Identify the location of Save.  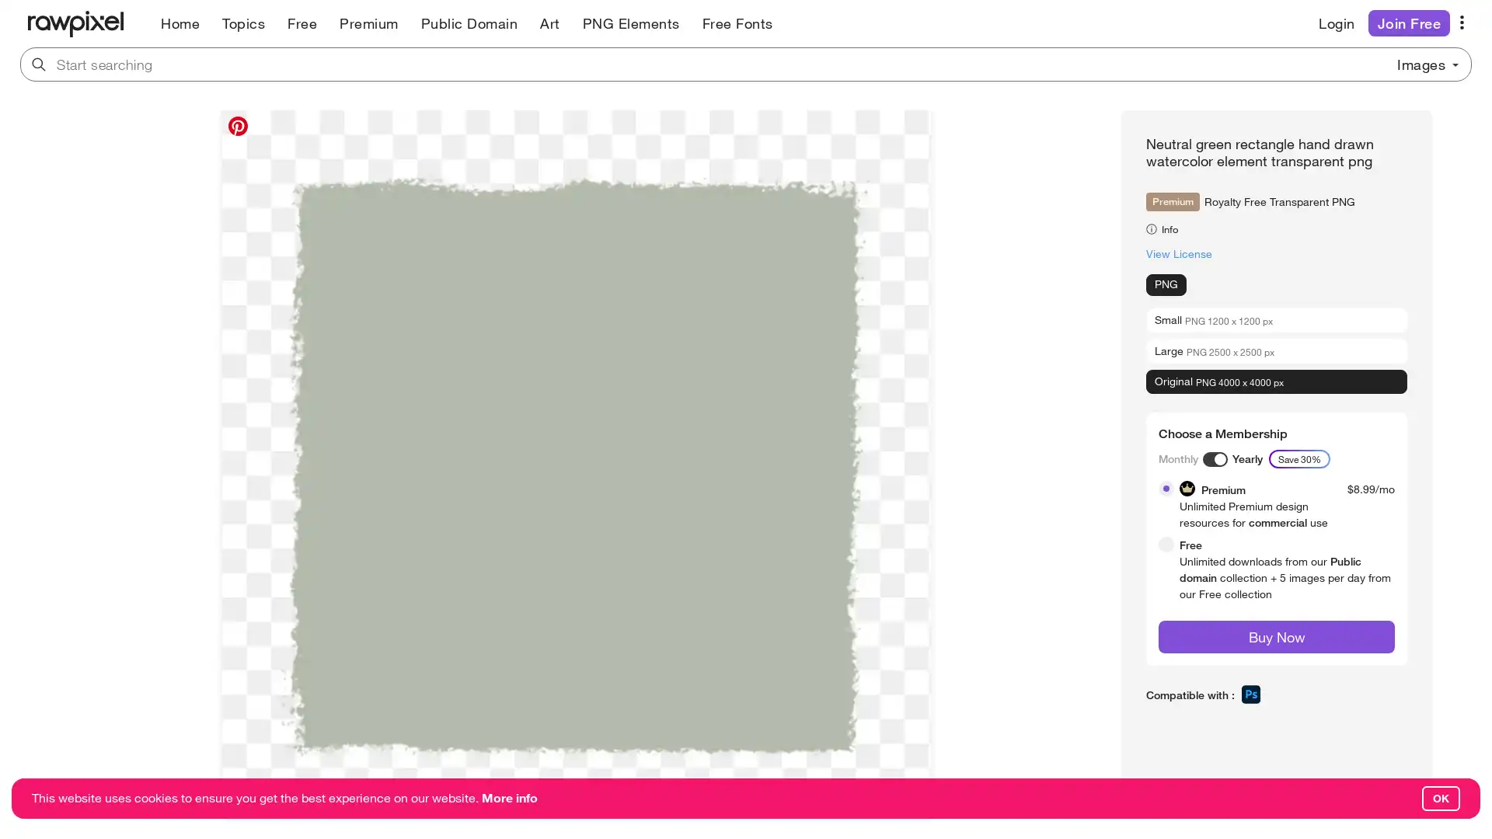
(246, 802).